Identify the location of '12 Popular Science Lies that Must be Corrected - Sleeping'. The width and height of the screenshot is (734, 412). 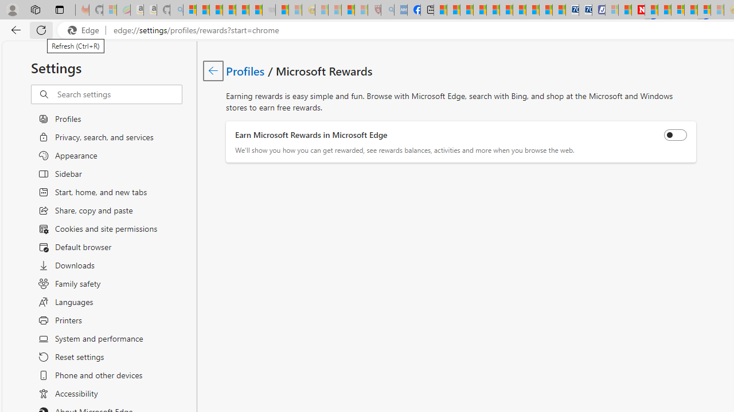
(361, 10).